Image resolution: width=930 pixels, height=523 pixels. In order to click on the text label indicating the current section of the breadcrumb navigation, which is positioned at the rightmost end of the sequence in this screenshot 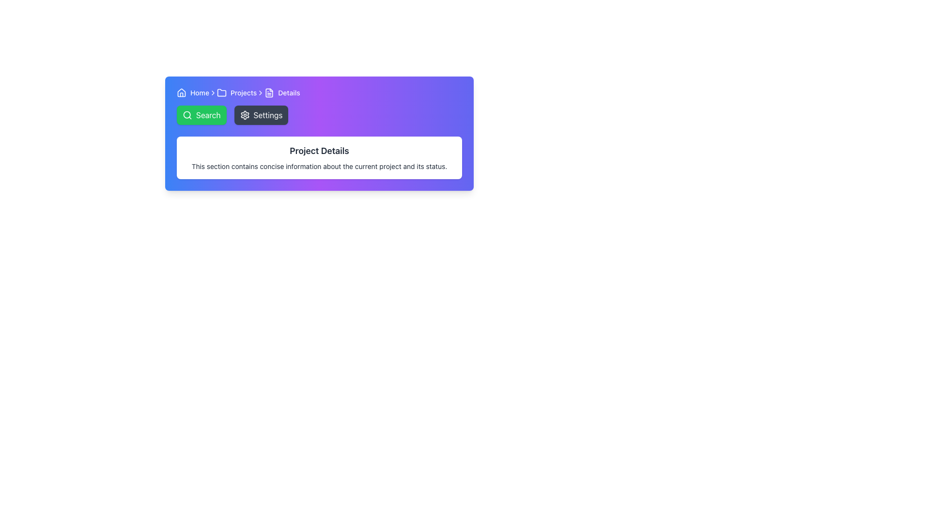, I will do `click(288, 93)`.